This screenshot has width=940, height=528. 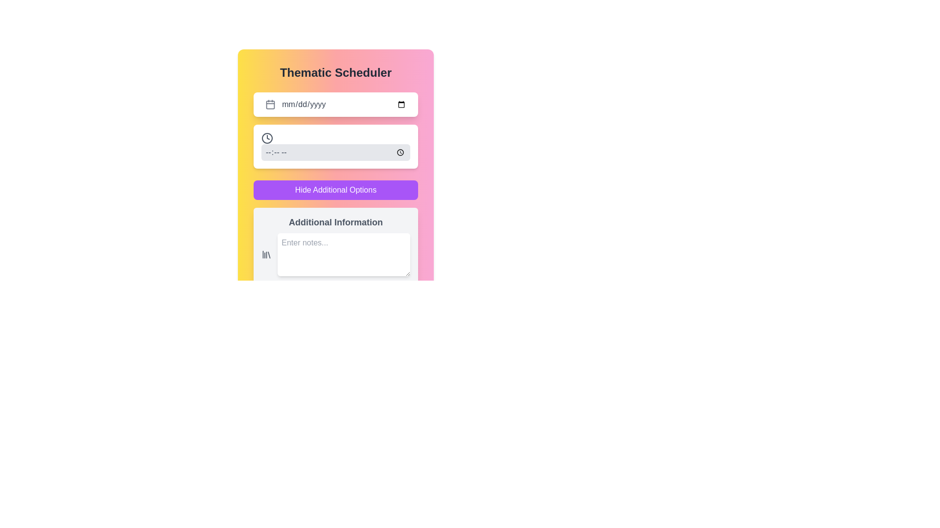 I want to click on the clock icon, which is visually represented as a time functionality element located to the left of a time input field, so click(x=267, y=138).